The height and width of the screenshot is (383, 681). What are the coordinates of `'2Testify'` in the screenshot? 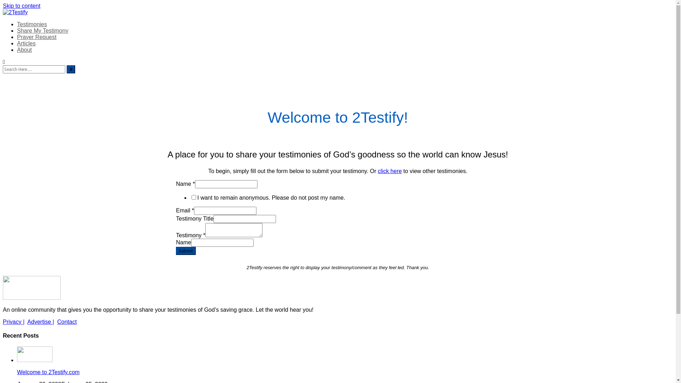 It's located at (24, 29).